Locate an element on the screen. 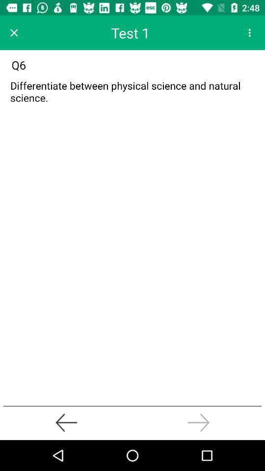  the add is located at coordinates (132, 94).